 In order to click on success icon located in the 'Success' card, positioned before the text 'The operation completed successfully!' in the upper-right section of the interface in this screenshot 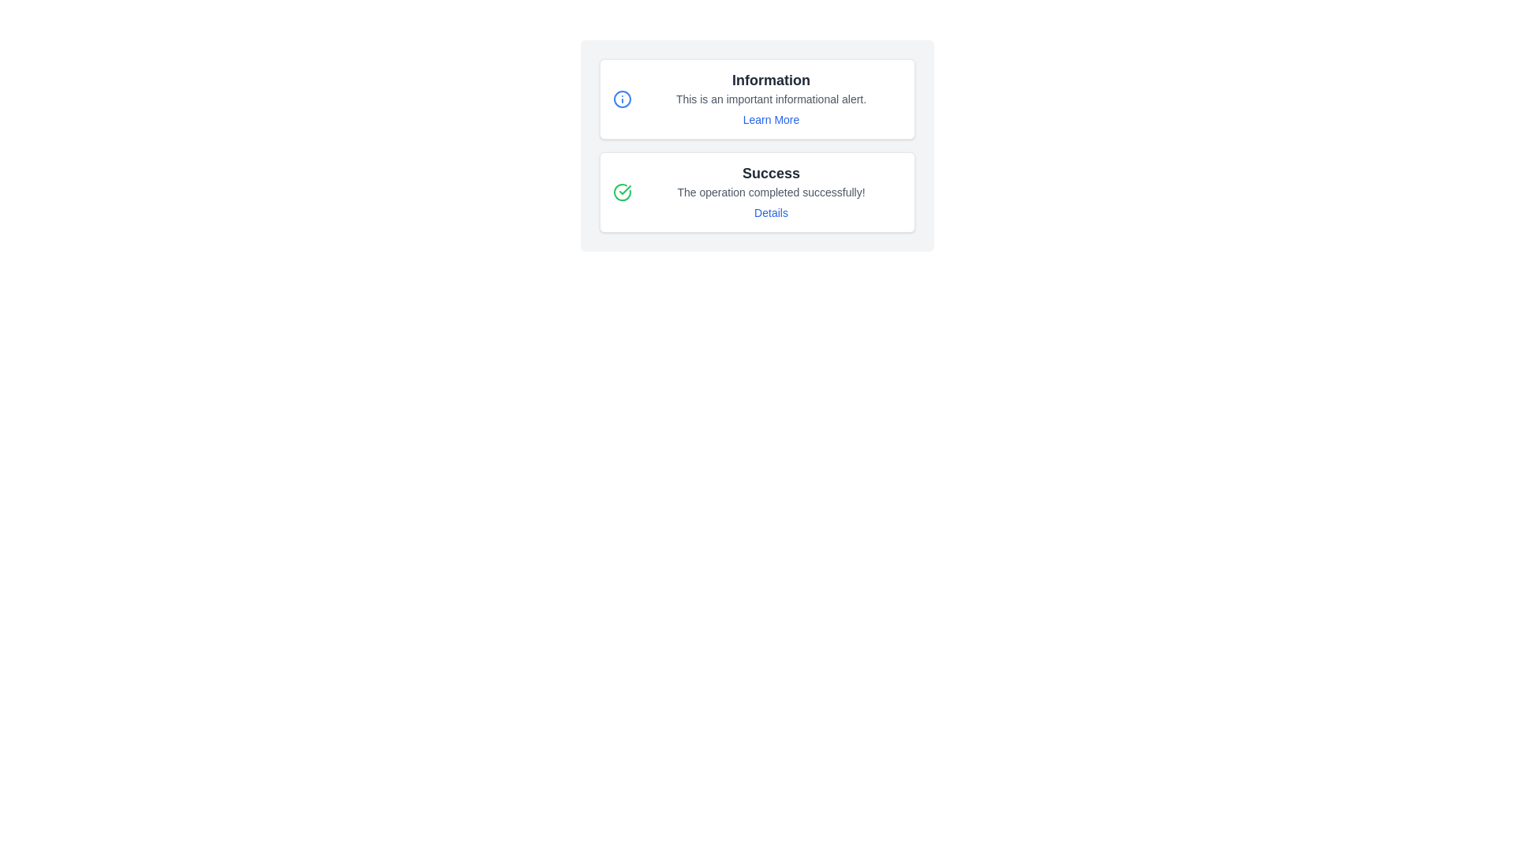, I will do `click(621, 191)`.